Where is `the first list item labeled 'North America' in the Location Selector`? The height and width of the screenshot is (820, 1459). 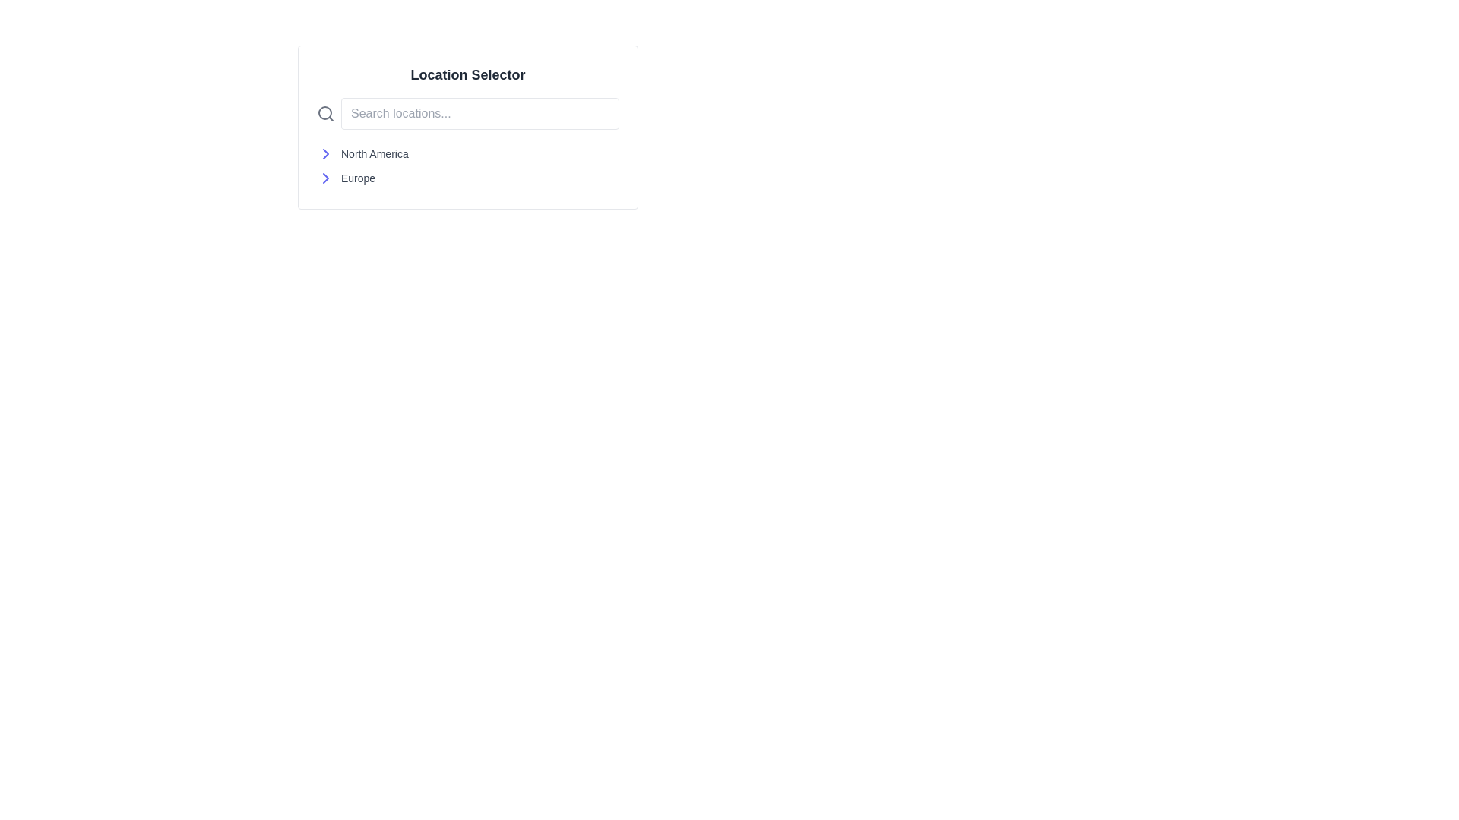 the first list item labeled 'North America' in the Location Selector is located at coordinates (467, 154).